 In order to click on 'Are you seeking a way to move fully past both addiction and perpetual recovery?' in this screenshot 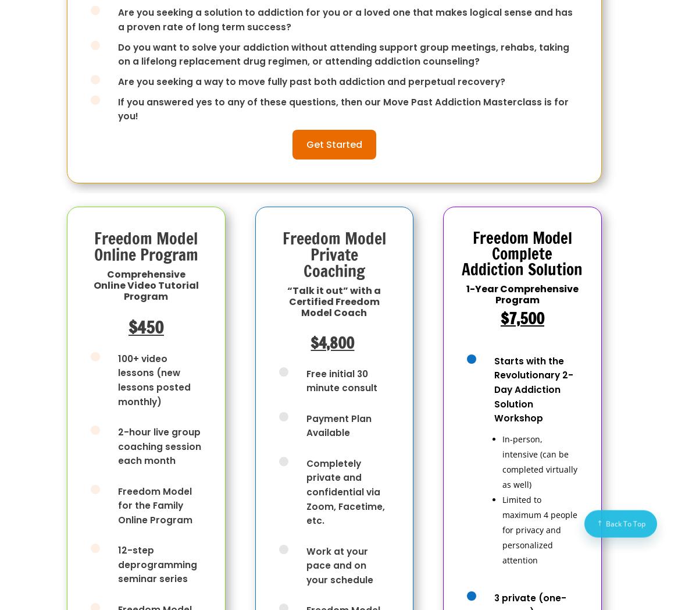, I will do `click(311, 81)`.